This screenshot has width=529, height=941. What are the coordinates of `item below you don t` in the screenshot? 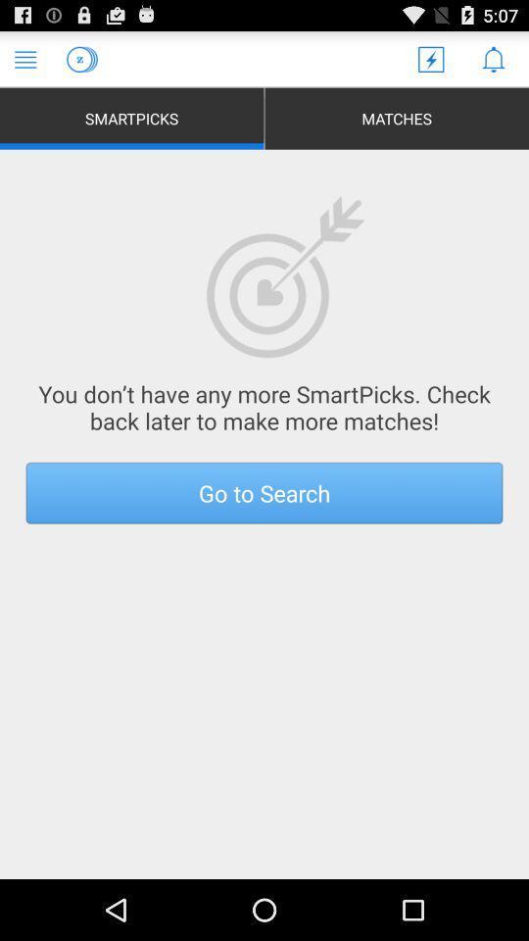 It's located at (264, 492).